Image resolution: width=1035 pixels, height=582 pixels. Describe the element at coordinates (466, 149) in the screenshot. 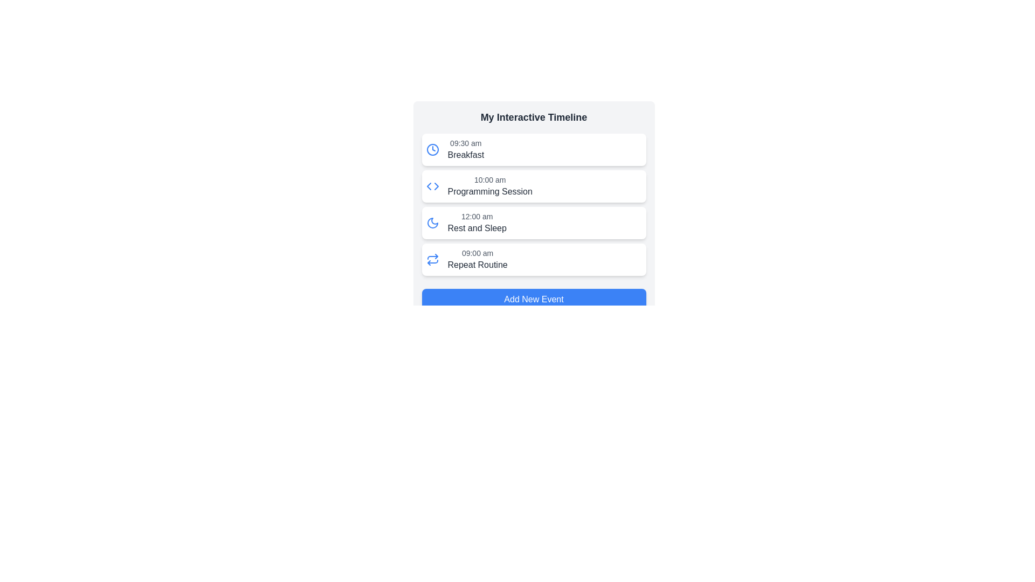

I see `time '09:30 am' and activity 'Breakfast' displayed in the first entry of 'My Interactive Timeline'` at that location.